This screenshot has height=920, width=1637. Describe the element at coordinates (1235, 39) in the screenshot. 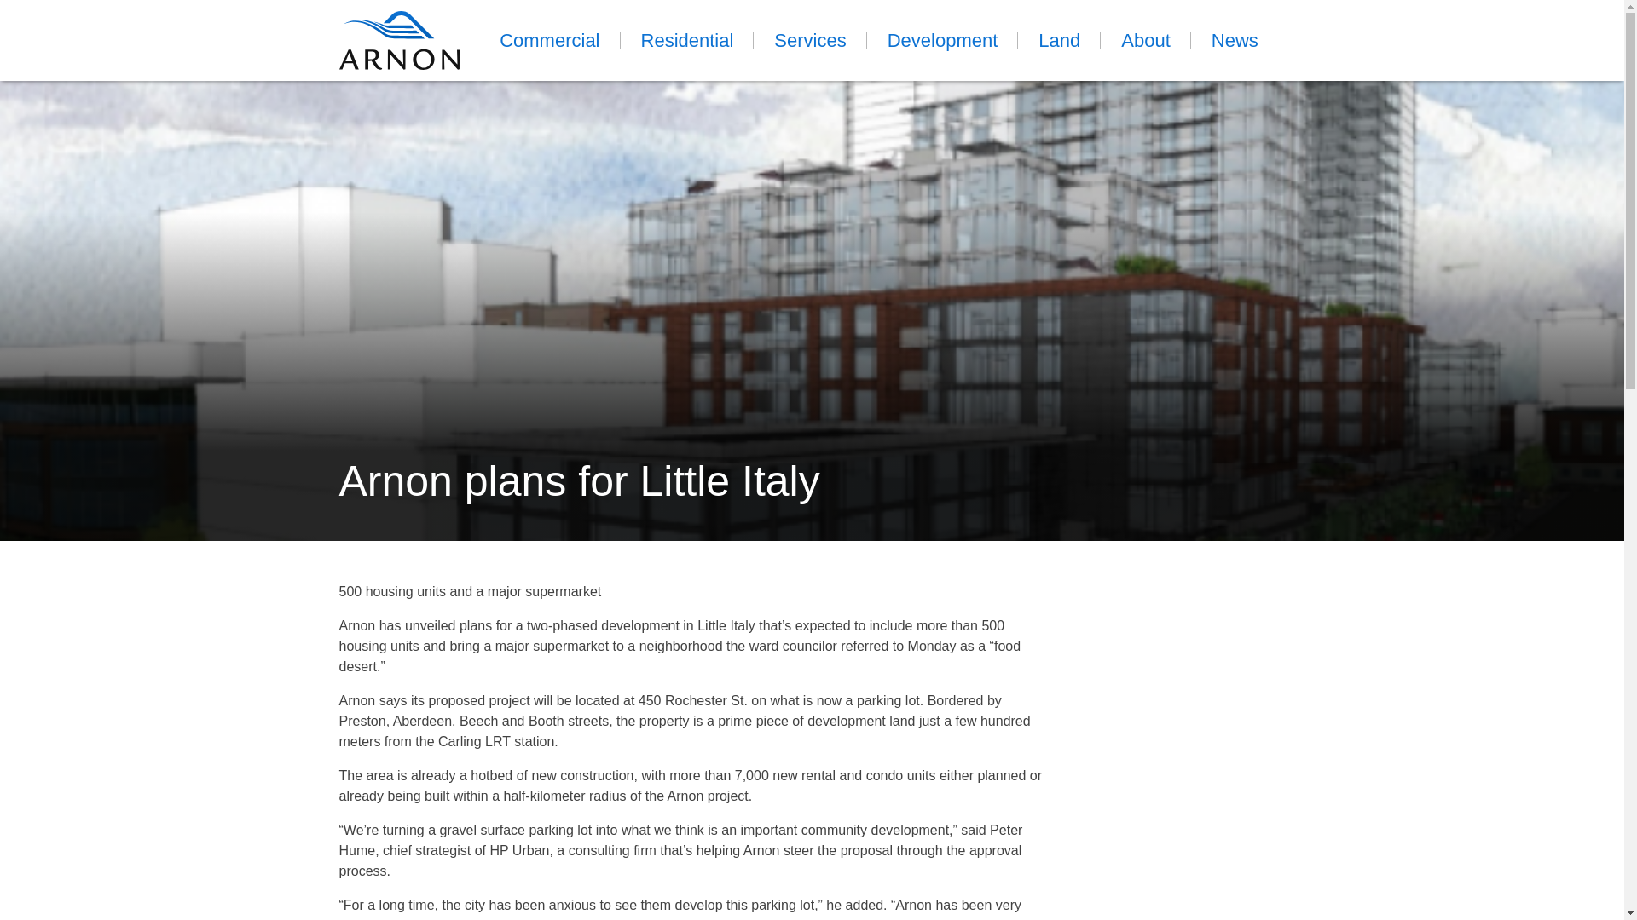

I see `'News'` at that location.